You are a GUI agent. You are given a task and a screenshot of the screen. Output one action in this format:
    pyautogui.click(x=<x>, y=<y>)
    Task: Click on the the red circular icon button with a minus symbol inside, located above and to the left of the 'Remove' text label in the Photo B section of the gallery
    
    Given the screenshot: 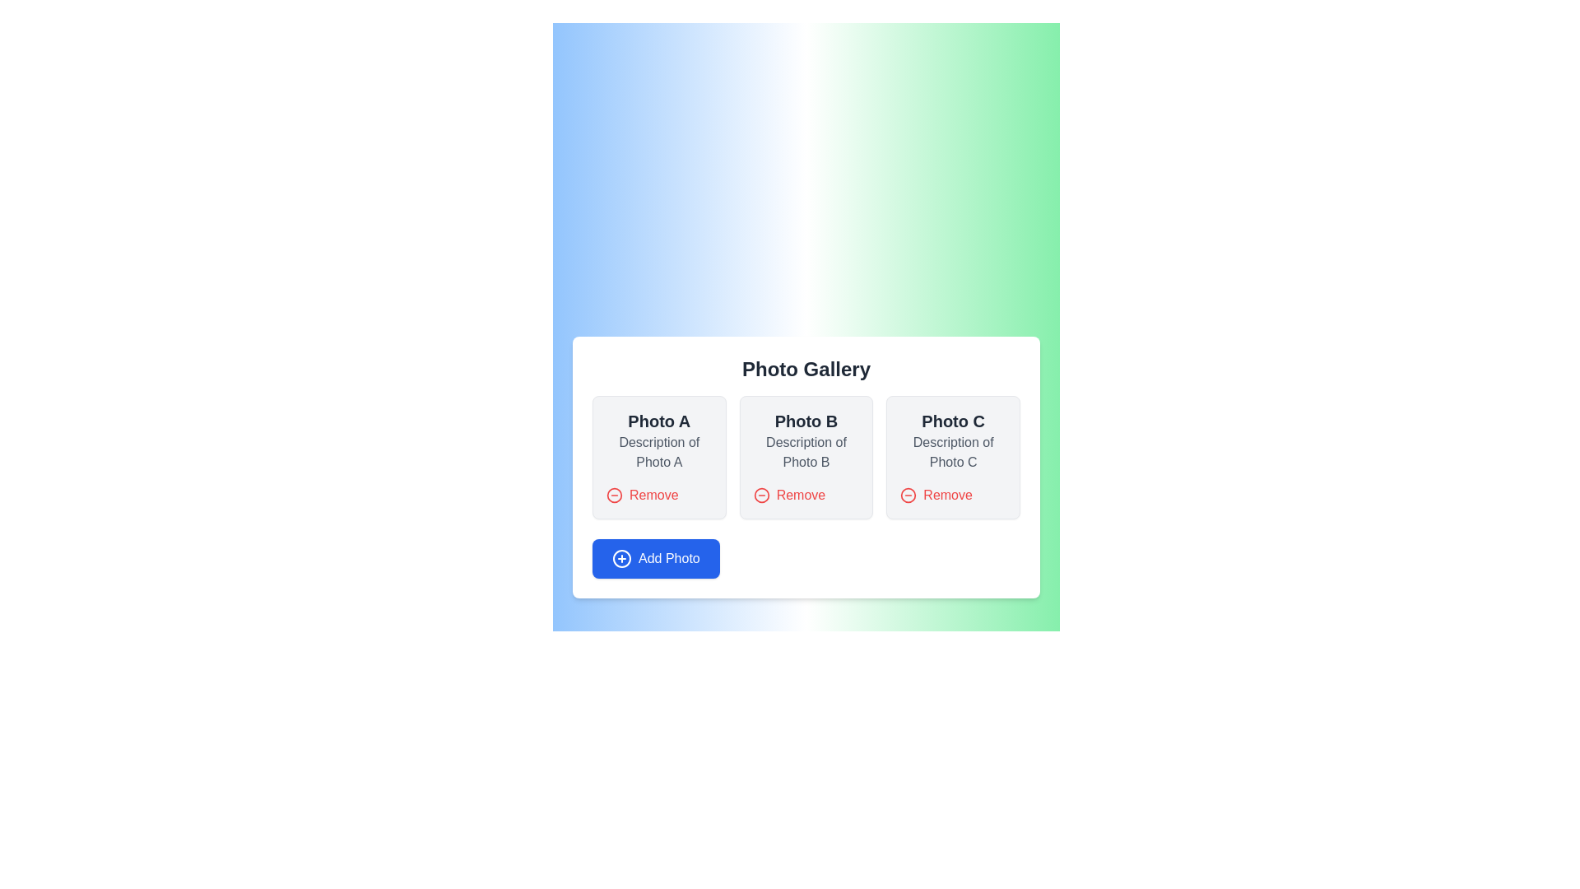 What is the action you would take?
    pyautogui.click(x=614, y=494)
    